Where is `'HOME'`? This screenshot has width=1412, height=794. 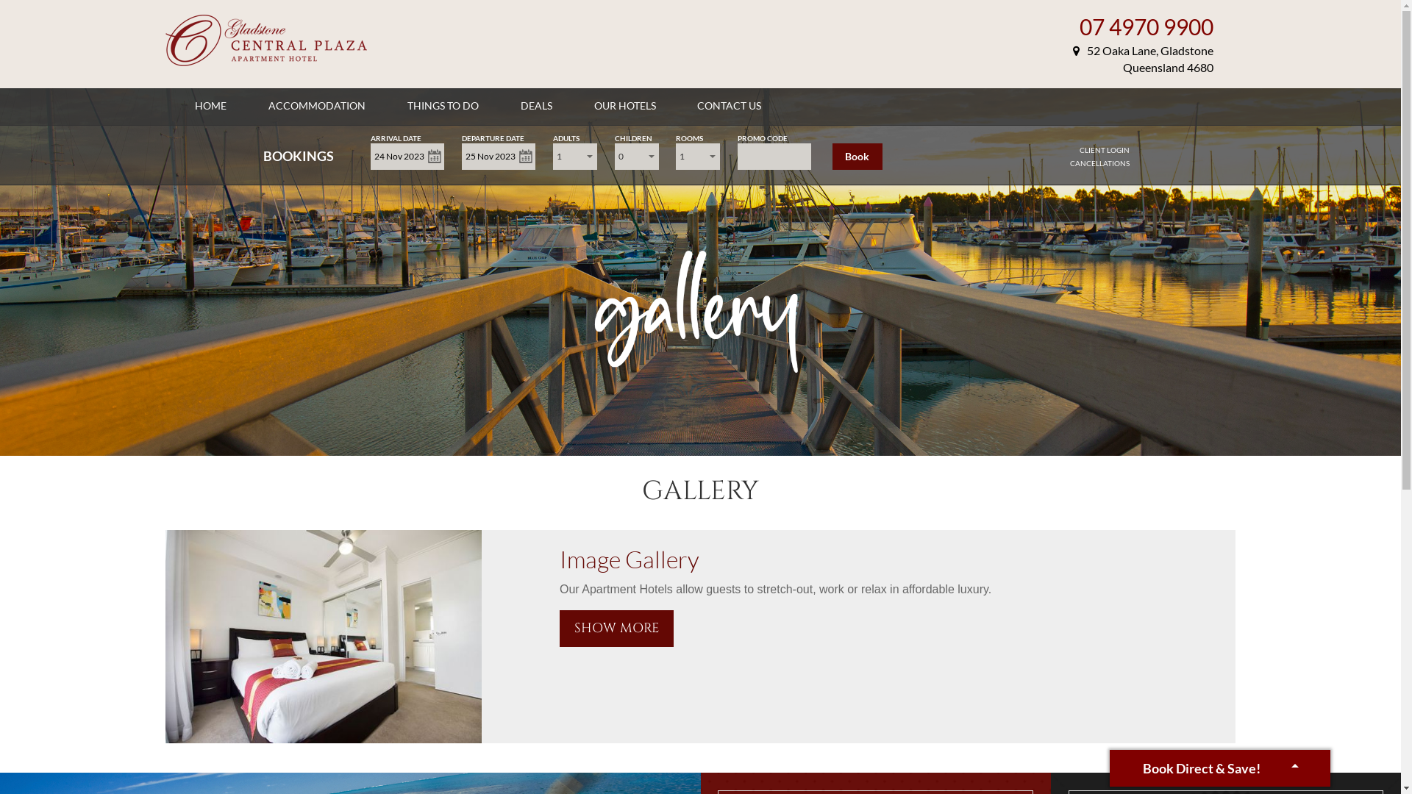
'HOME' is located at coordinates (210, 104).